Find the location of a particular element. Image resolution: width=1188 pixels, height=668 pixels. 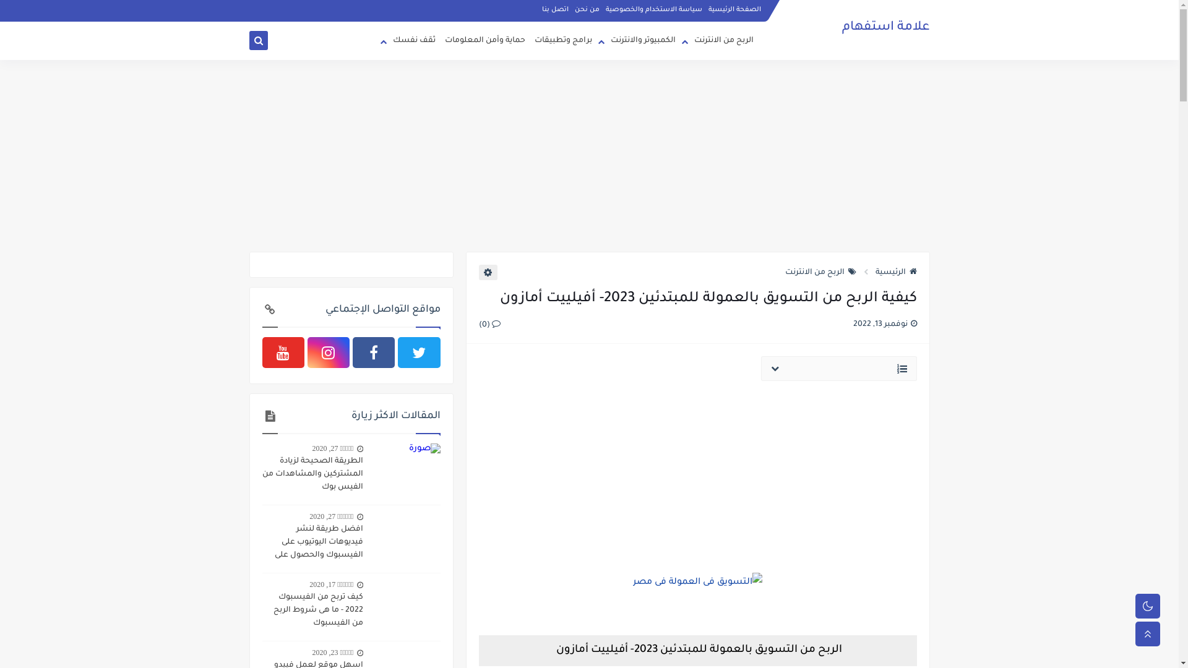

'(0)' is located at coordinates (489, 323).